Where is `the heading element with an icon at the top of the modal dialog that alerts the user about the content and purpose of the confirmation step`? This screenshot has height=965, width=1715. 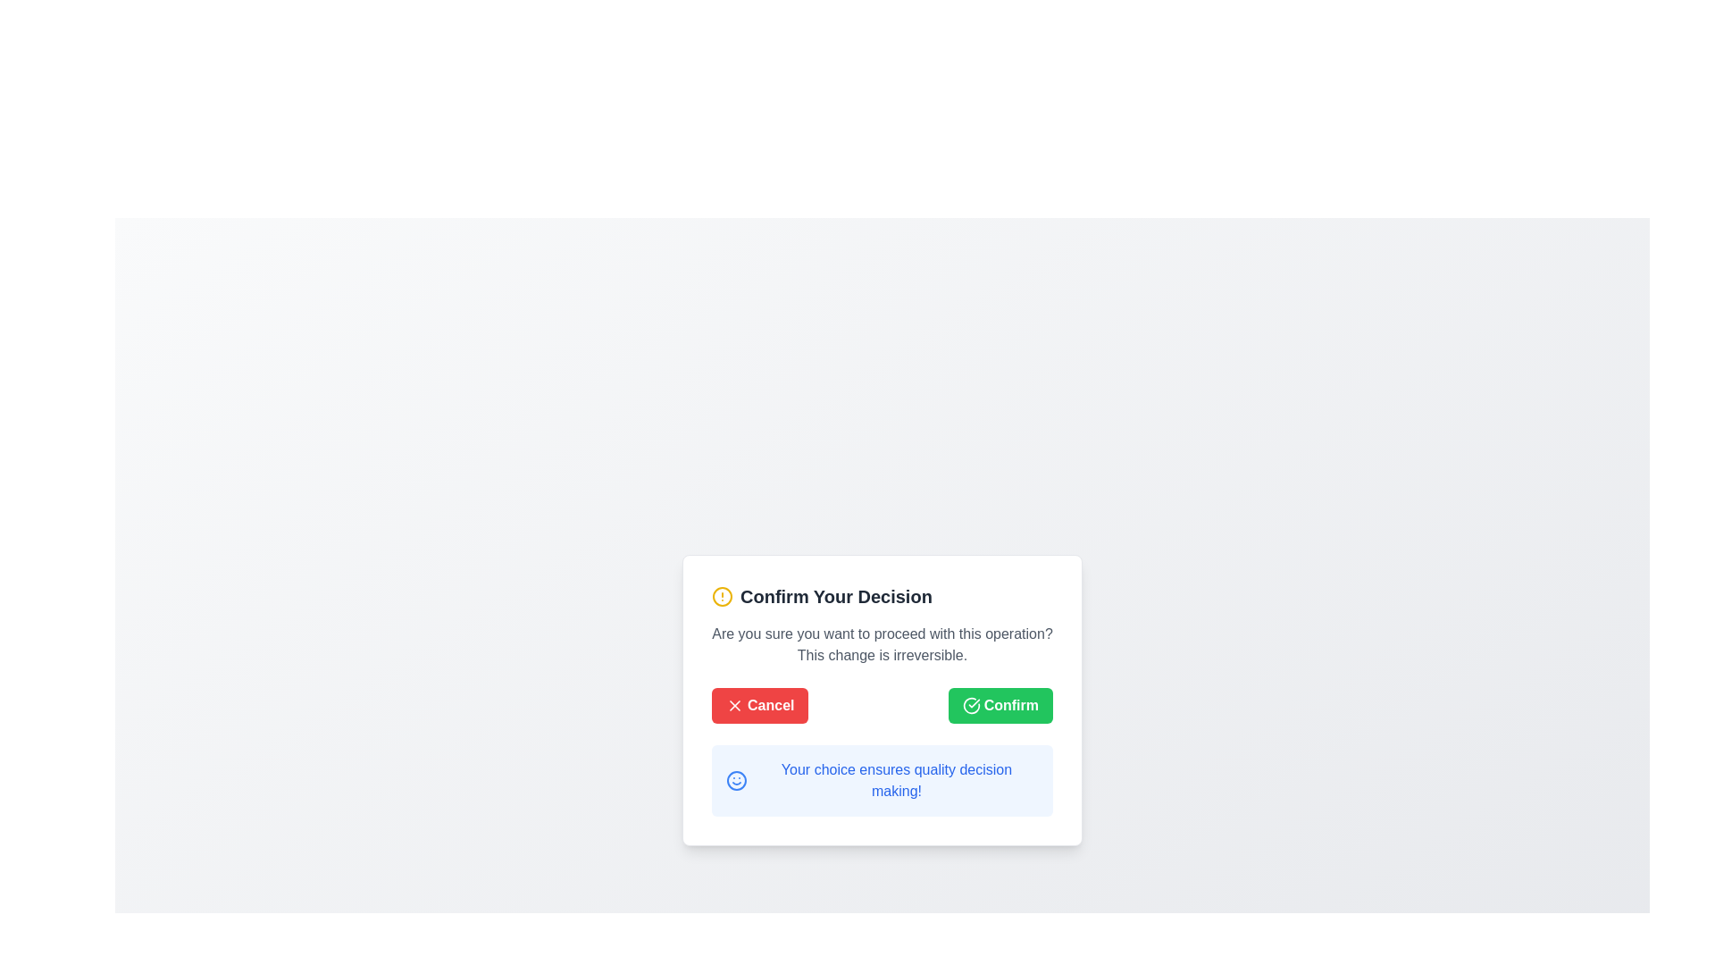
the heading element with an icon at the top of the modal dialog that alerts the user about the content and purpose of the confirmation step is located at coordinates (883, 596).